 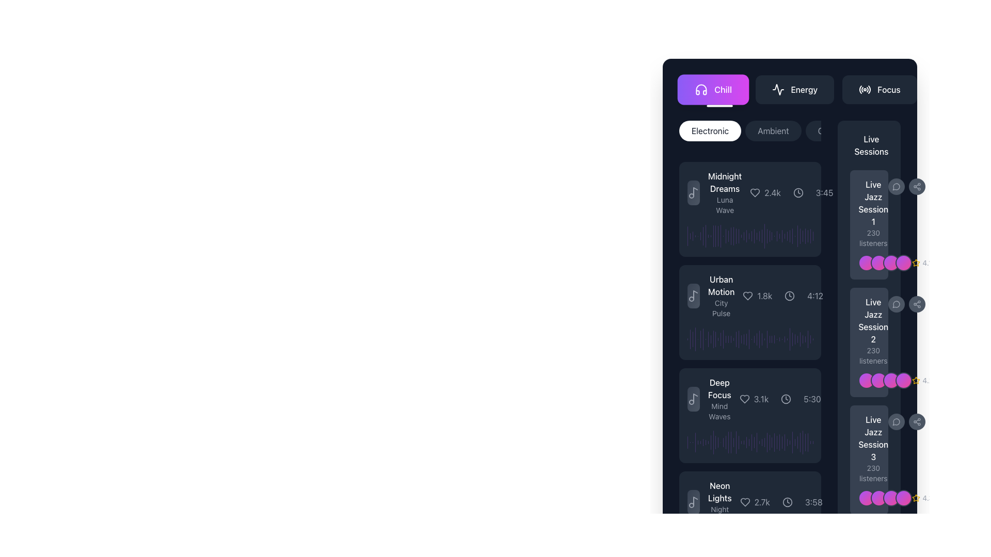 I want to click on text label displaying the count of likes or followers for the second music track in the list, located to the right of the heart icon, so click(x=764, y=296).